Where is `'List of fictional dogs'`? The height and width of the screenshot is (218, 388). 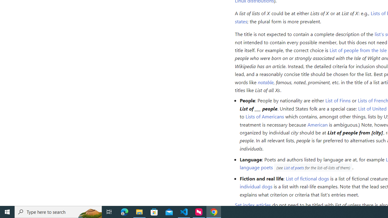
'List of fictional dogs' is located at coordinates (307, 178).